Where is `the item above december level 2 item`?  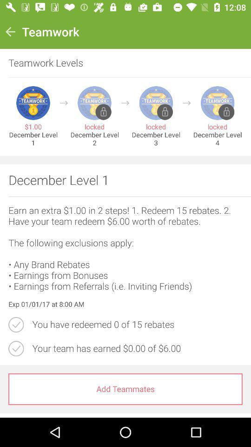
the item above december level 2 item is located at coordinates (125, 103).